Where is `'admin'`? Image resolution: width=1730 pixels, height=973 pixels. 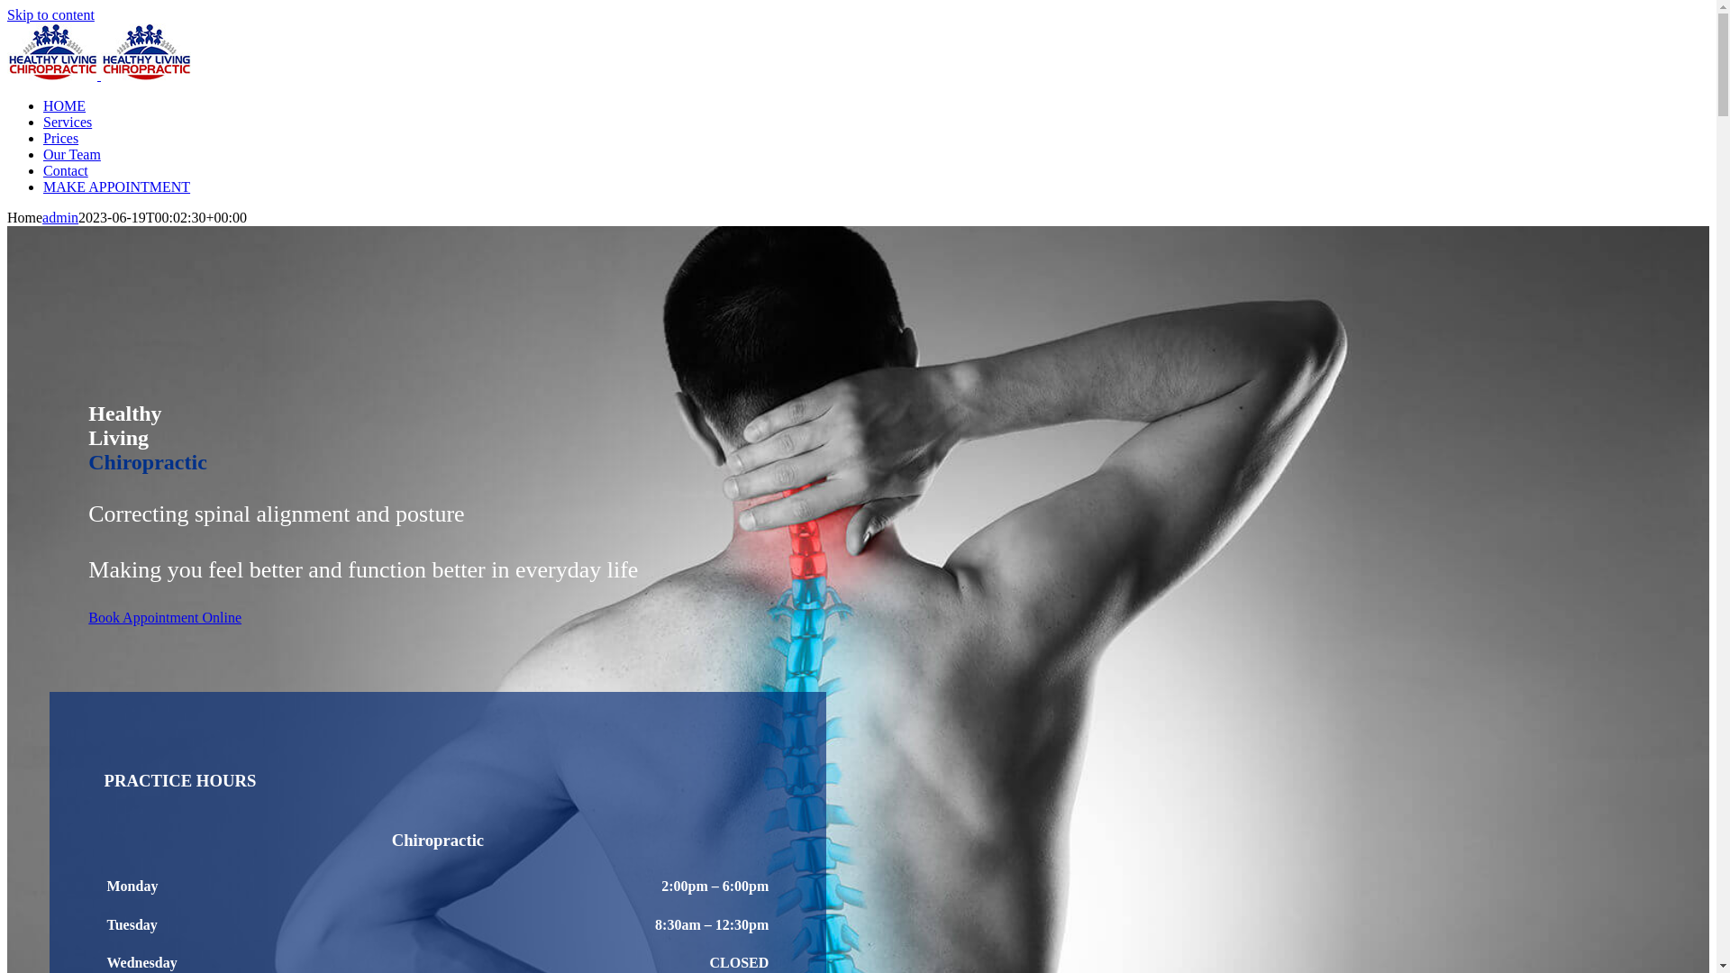
'admin' is located at coordinates (60, 216).